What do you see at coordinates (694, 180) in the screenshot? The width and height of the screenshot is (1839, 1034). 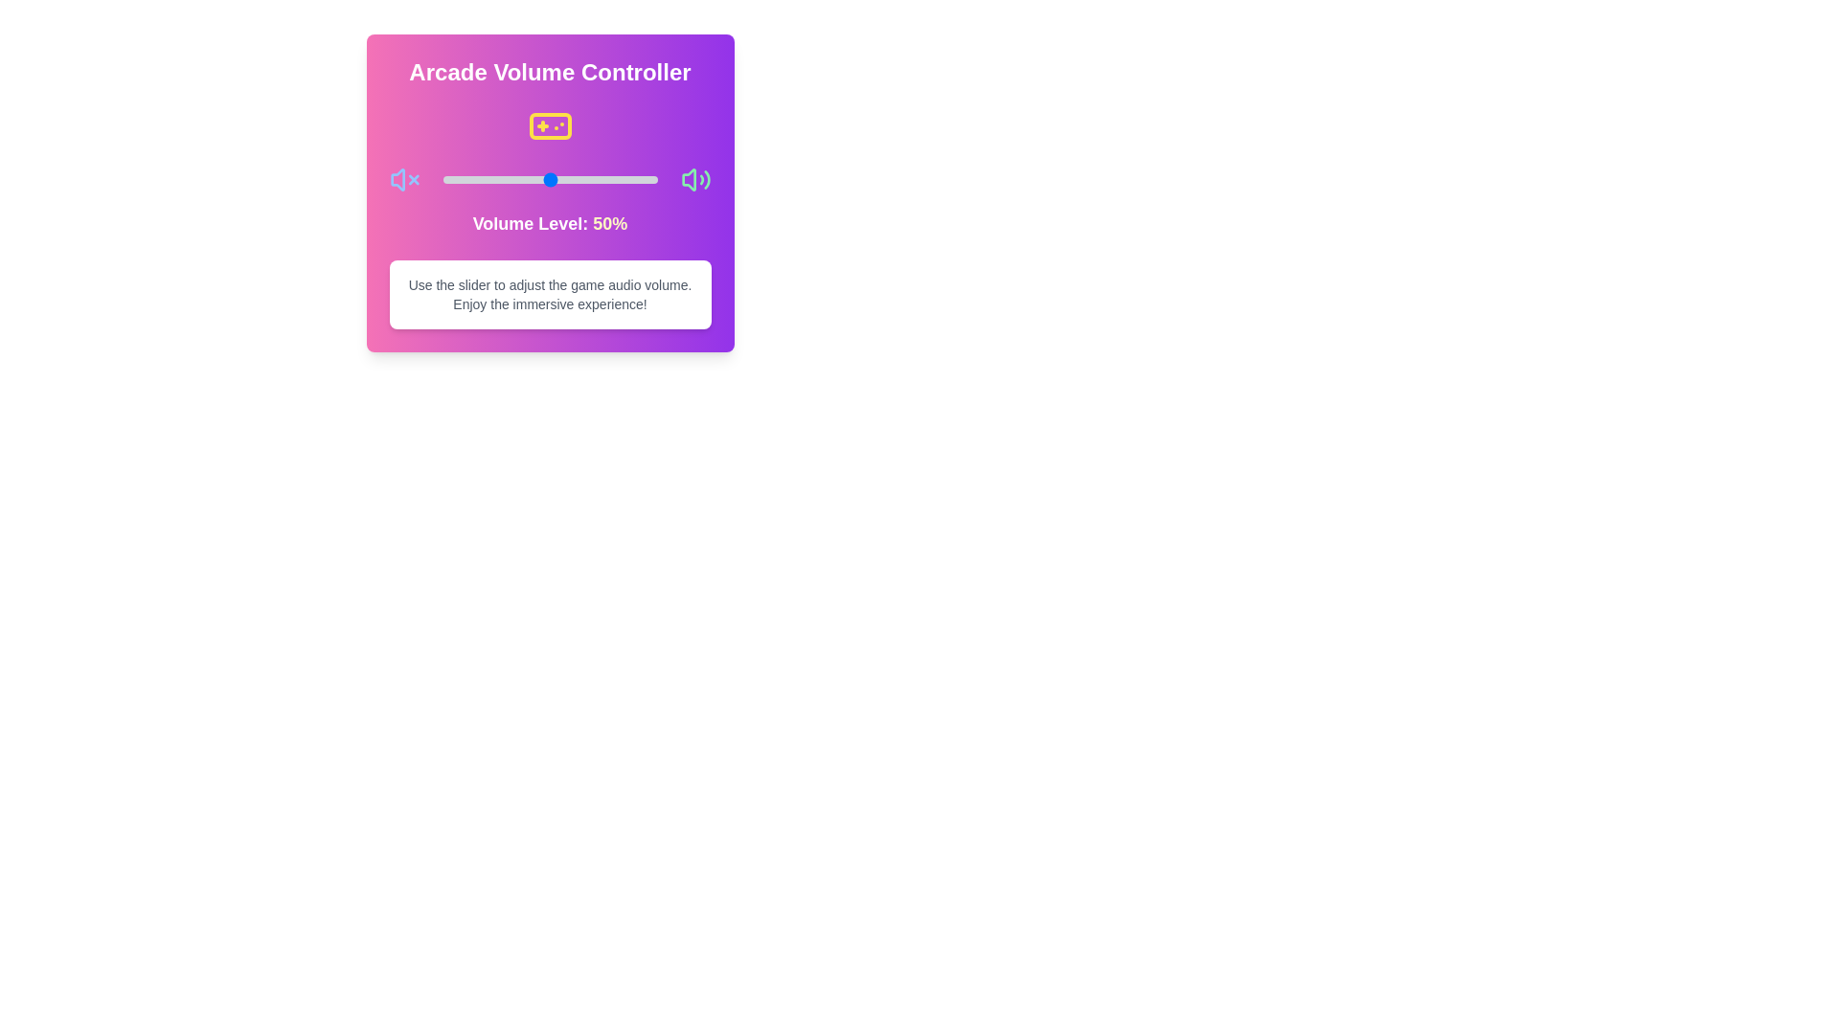 I see `the volume icon Volume2 to interact with it` at bounding box center [694, 180].